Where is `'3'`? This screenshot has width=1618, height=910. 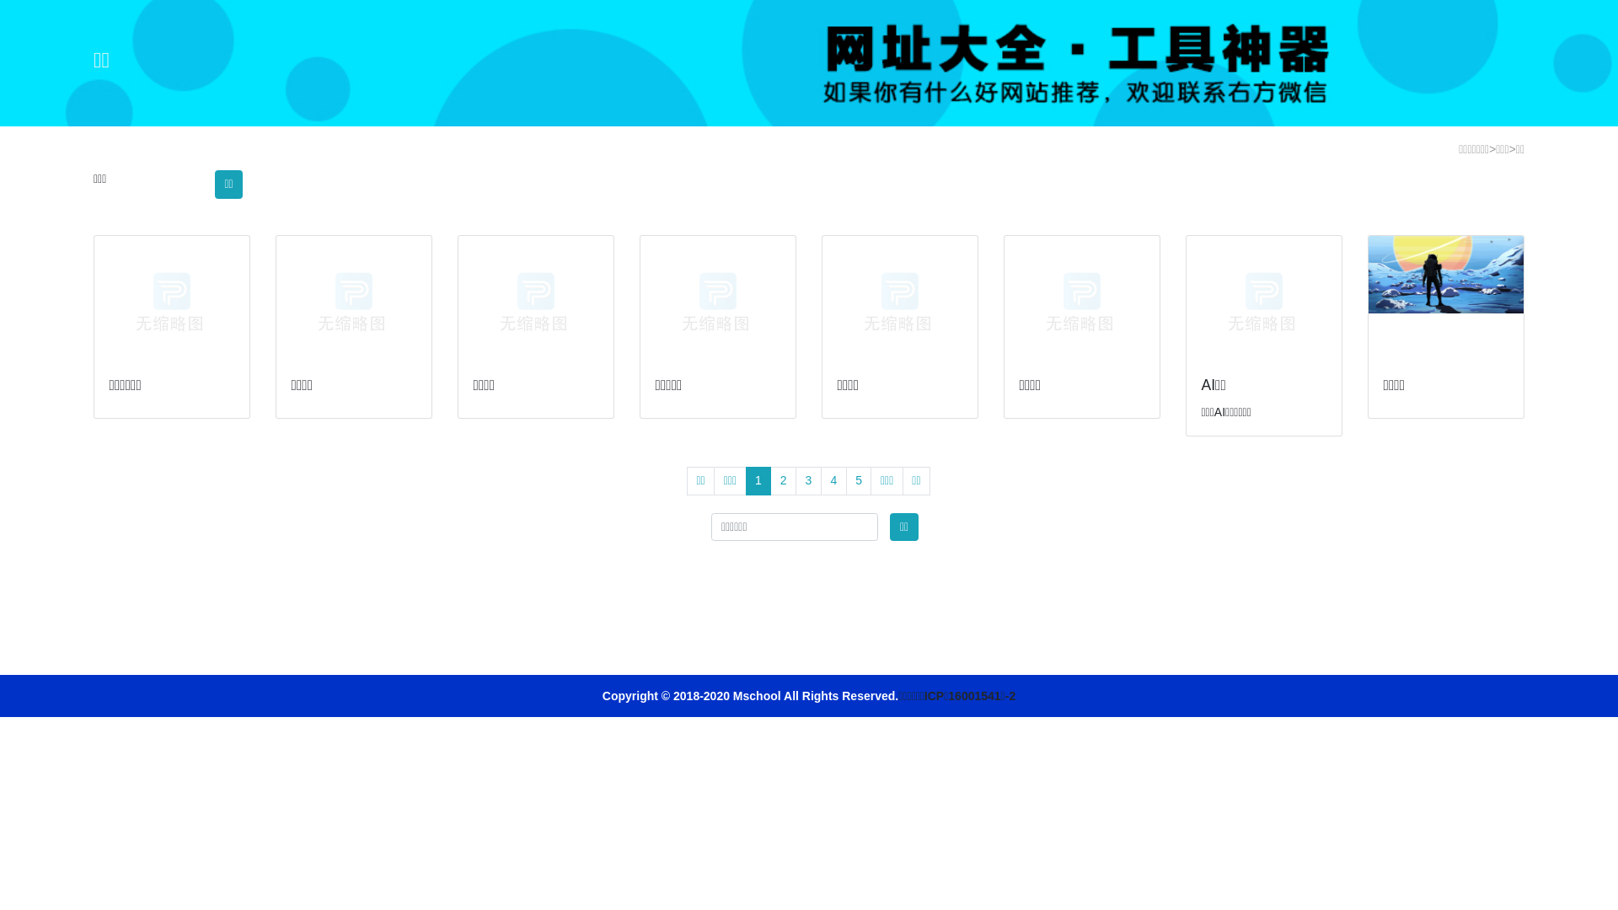
'3' is located at coordinates (795, 480).